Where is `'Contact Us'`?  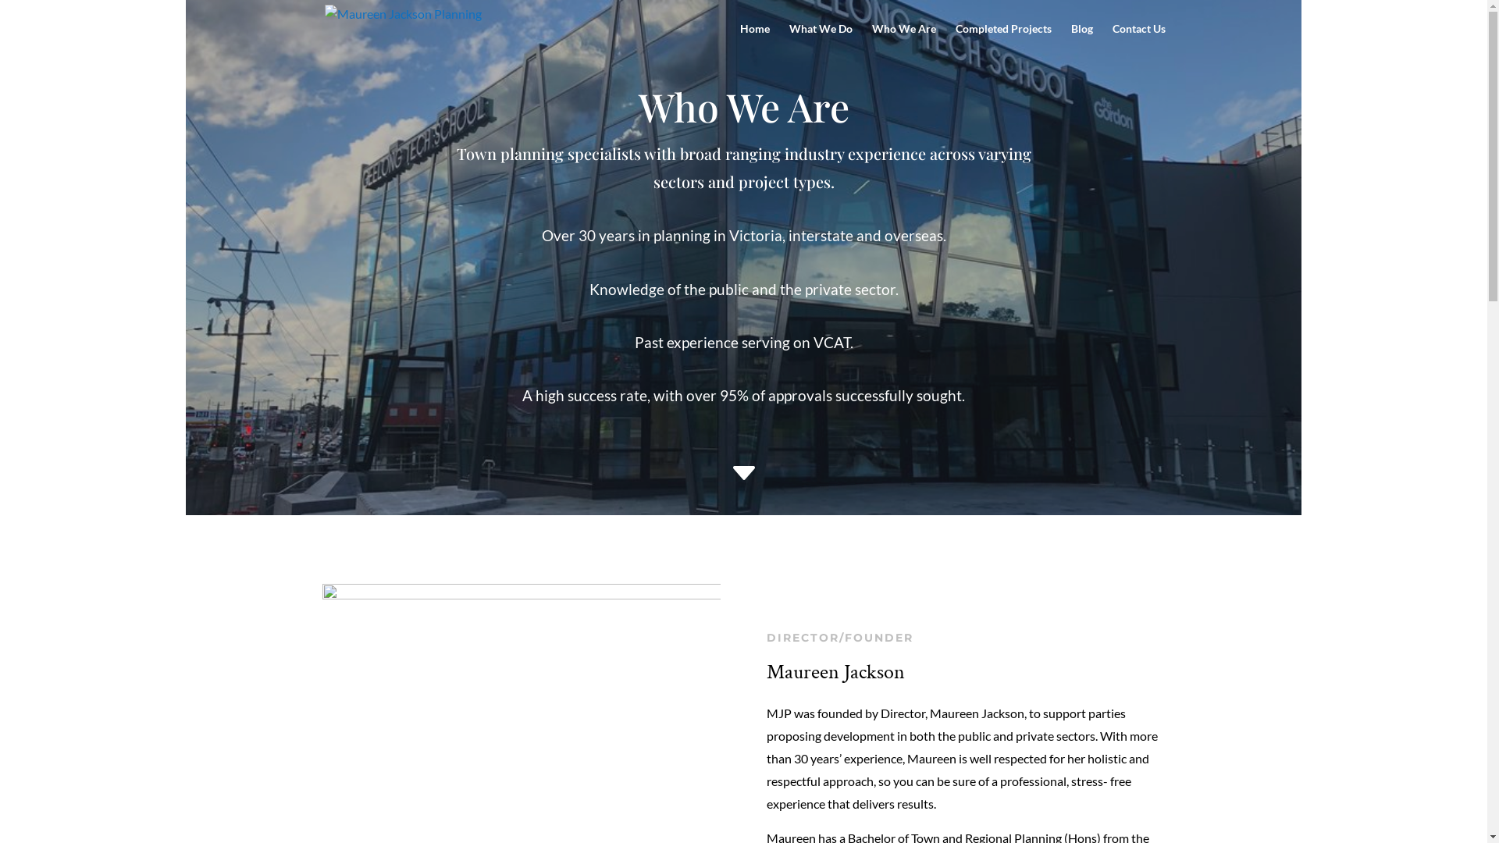 'Contact Us' is located at coordinates (1138, 39).